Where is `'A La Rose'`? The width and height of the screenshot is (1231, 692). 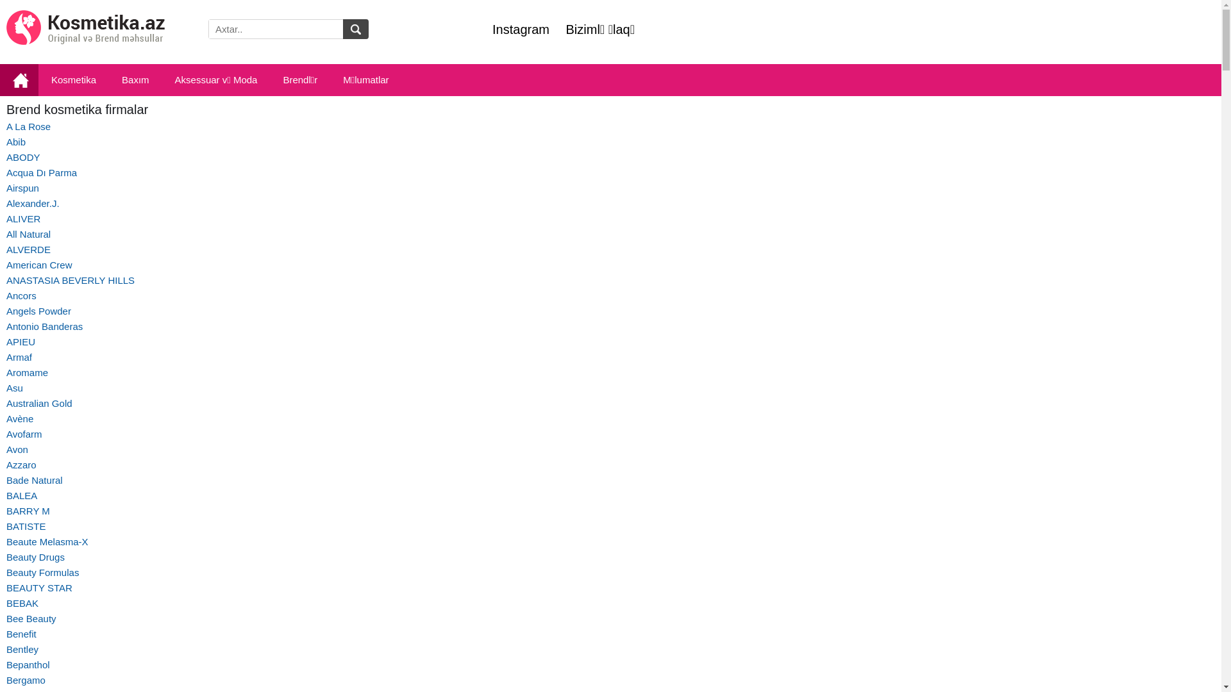
'A La Rose' is located at coordinates (28, 126).